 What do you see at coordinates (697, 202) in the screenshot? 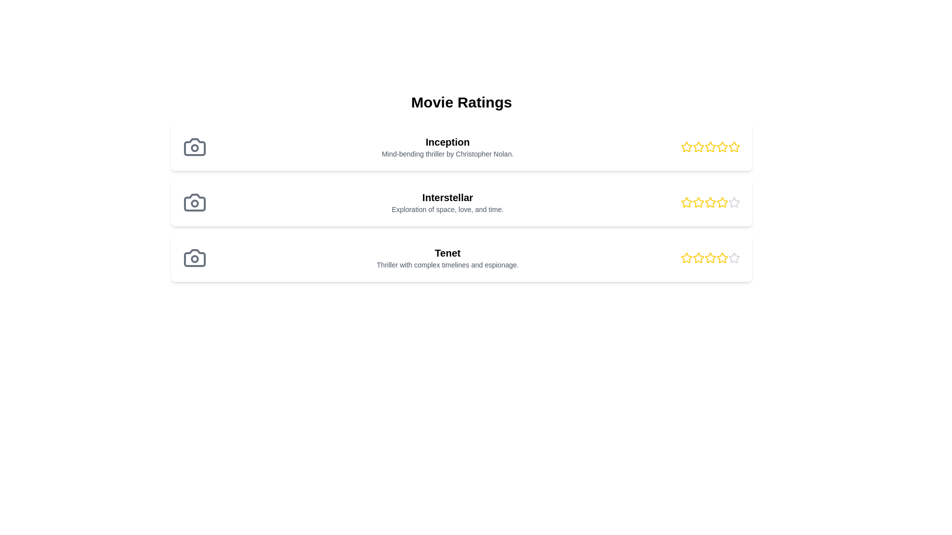
I see `the second yellow star icon in the 'Interstellar' rating section to rate it` at bounding box center [697, 202].